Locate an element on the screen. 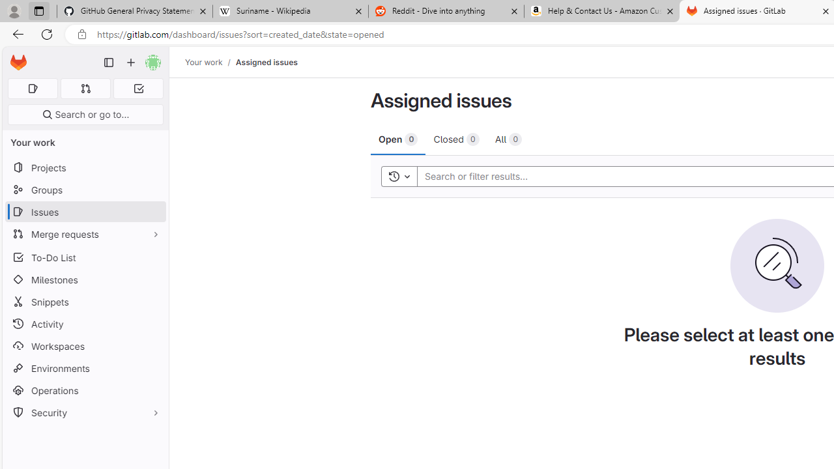 This screenshot has height=469, width=834. 'Your work' is located at coordinates (203, 62).